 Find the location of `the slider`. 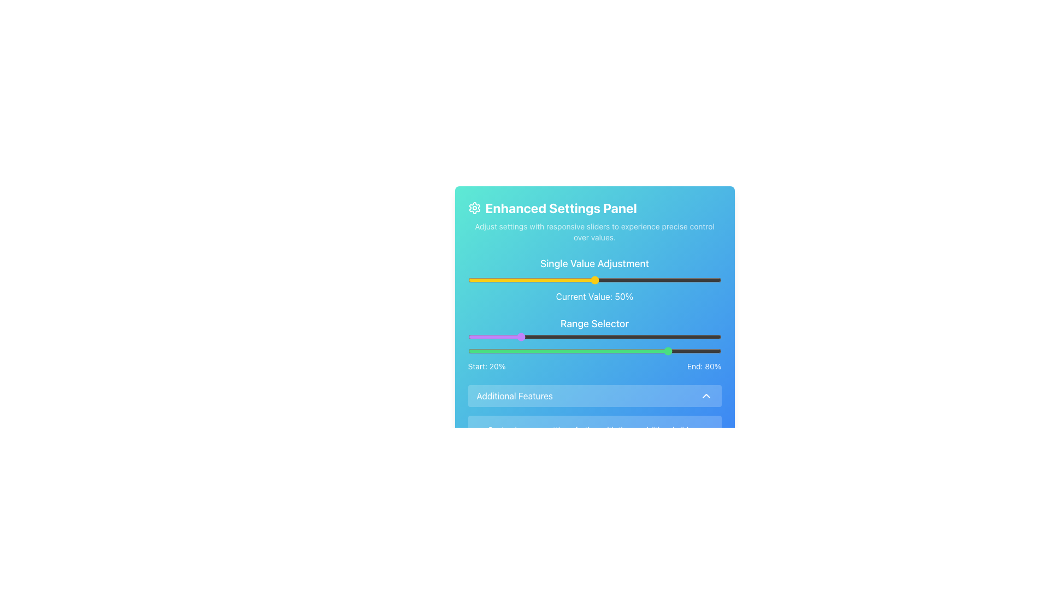

the slider is located at coordinates (606, 280).